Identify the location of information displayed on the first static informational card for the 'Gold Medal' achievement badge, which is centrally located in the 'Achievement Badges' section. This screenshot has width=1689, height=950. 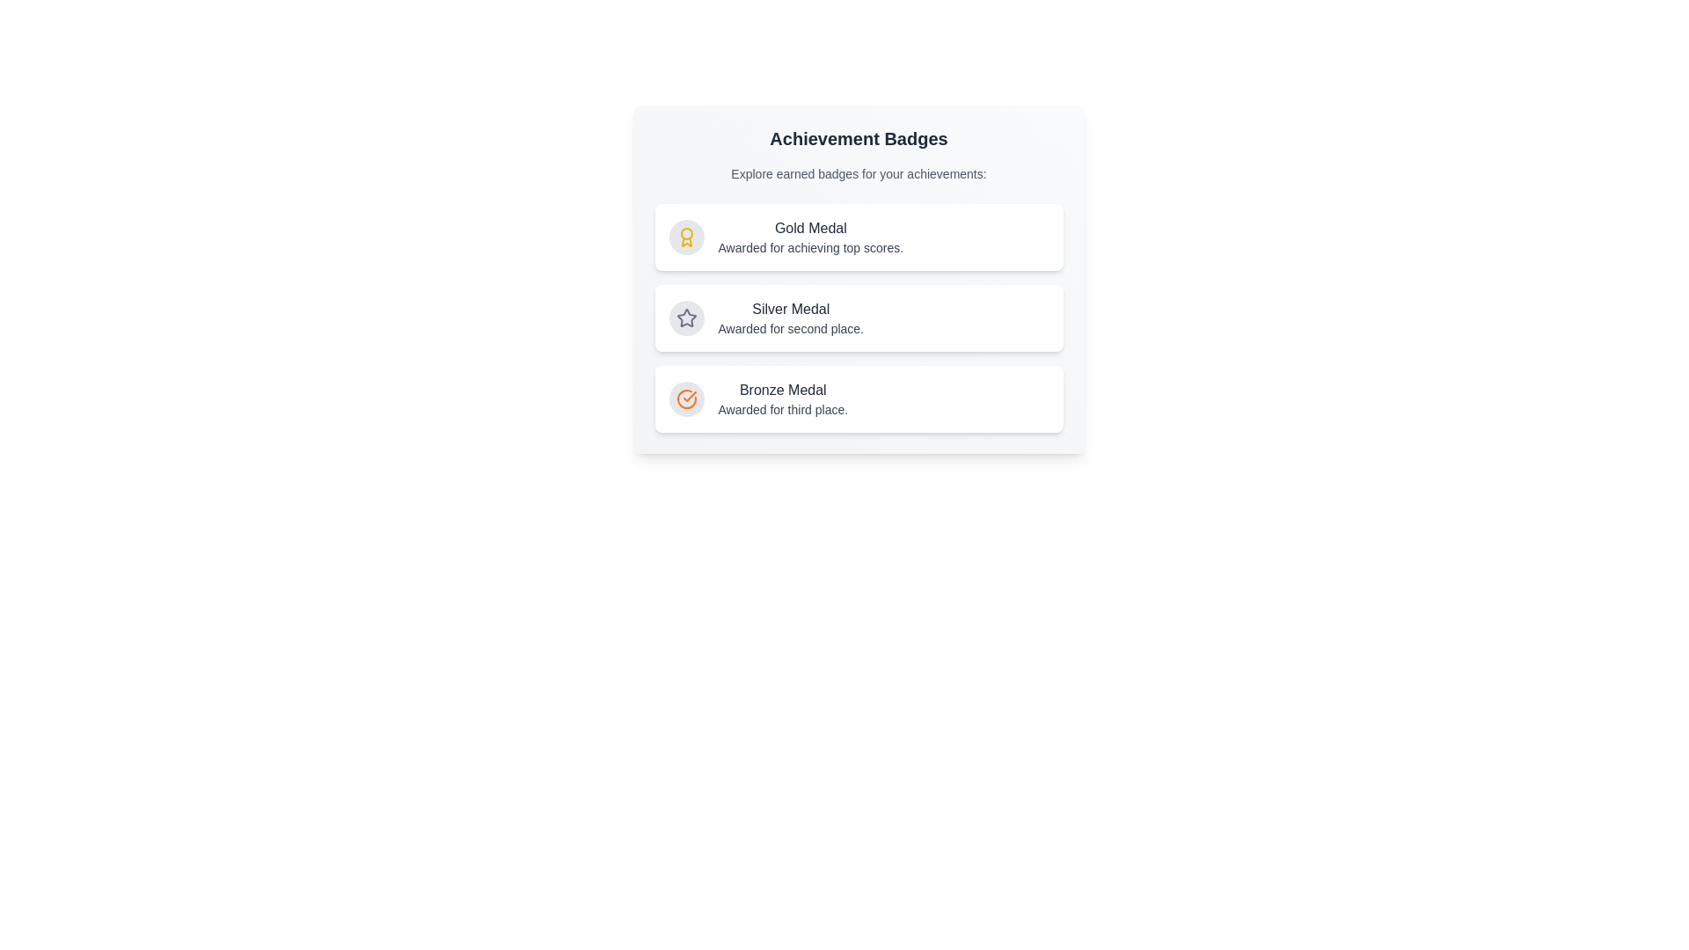
(859, 237).